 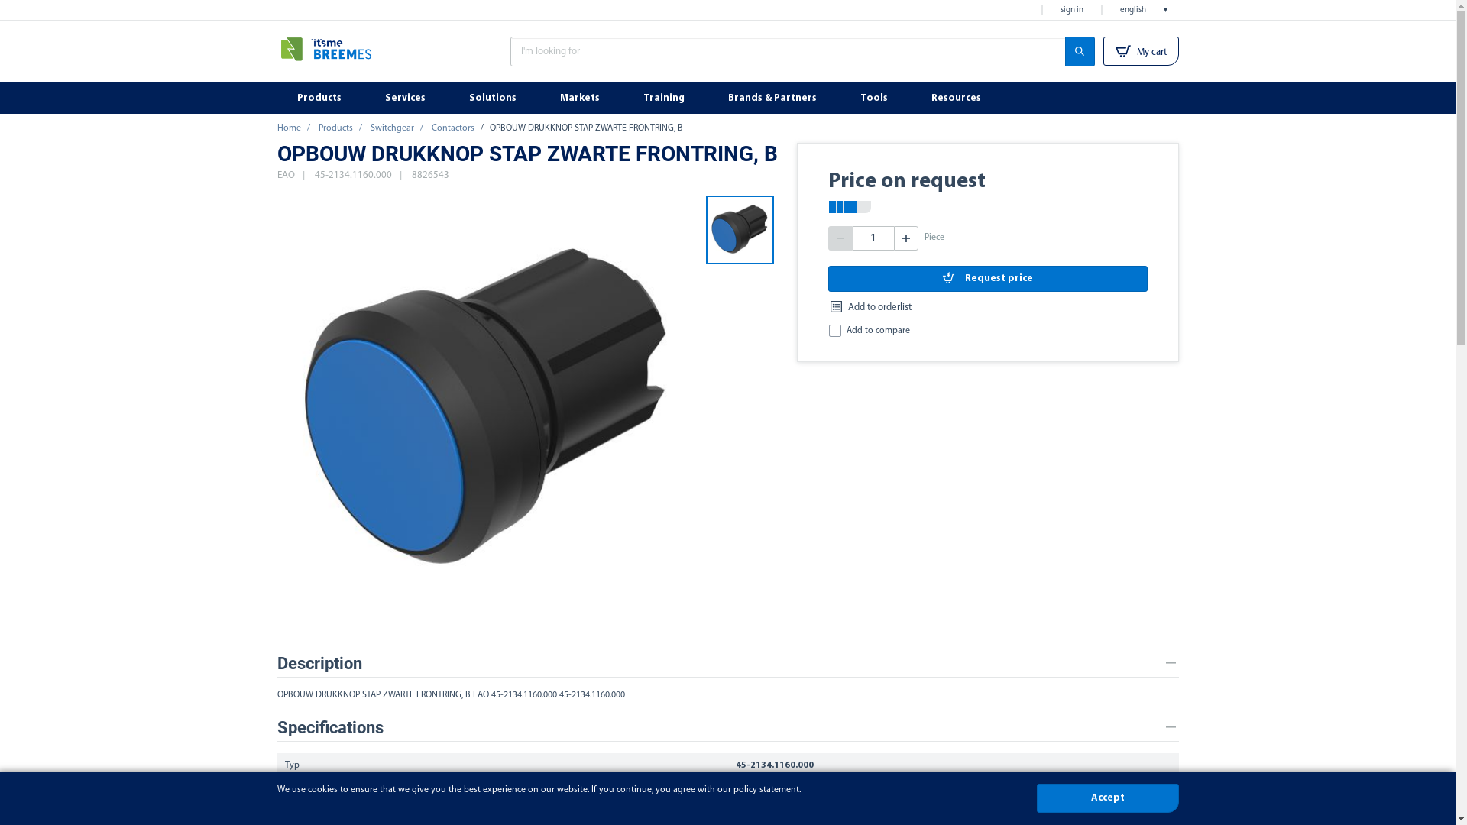 What do you see at coordinates (1107, 797) in the screenshot?
I see `'Accept'` at bounding box center [1107, 797].